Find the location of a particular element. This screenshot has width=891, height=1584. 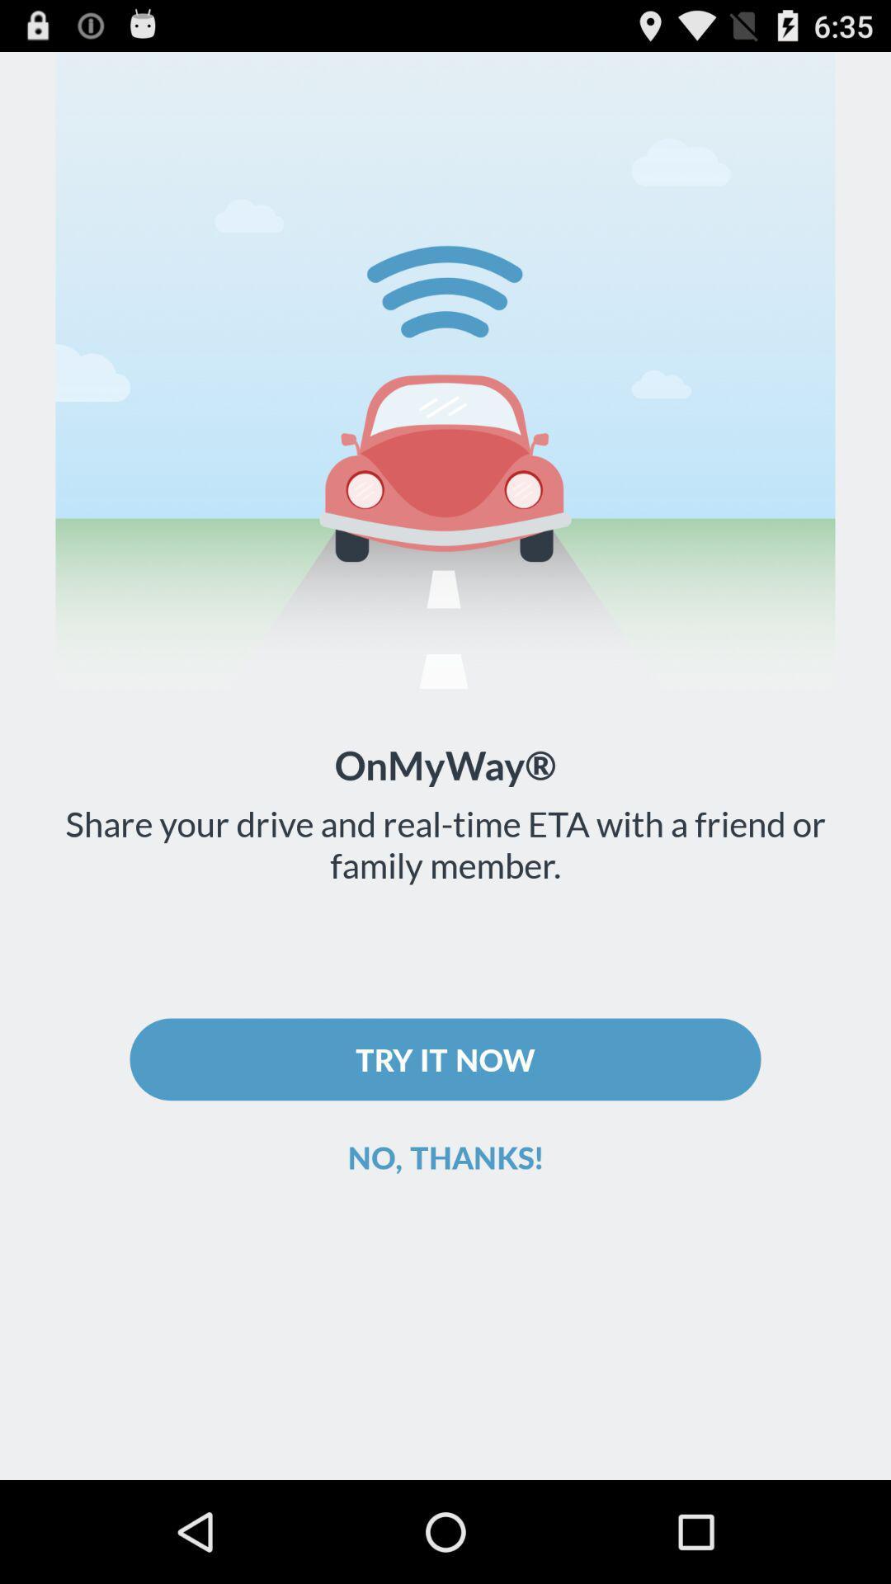

the icon above the no, thanks! icon is located at coordinates (445, 1059).